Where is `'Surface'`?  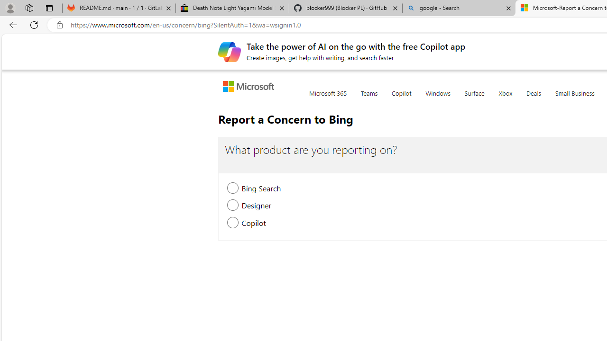
'Surface' is located at coordinates (474, 99).